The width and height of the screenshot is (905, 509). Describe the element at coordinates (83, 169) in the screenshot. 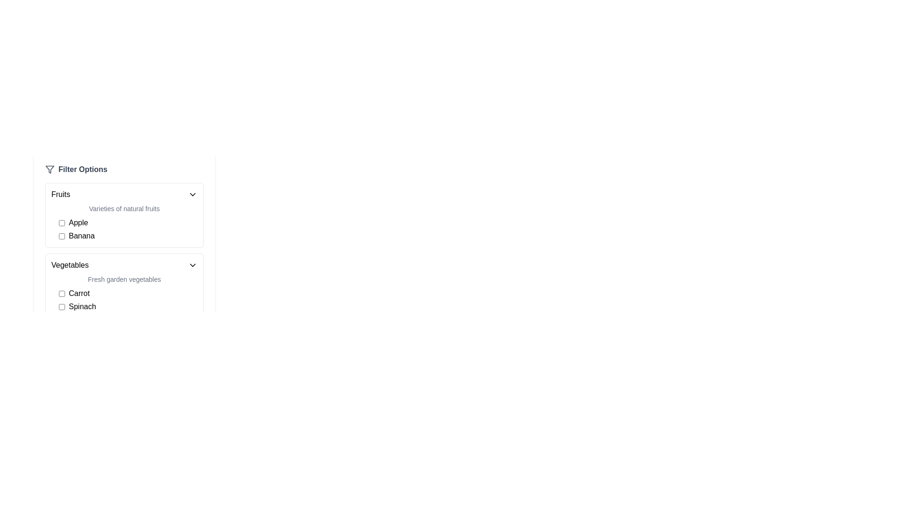

I see `the 'Filter Options' text label, which is displayed in bold and dark gray font, located at the top-left corner of the interface, slightly rightward of a filter icon and above the 'Fruits' section` at that location.